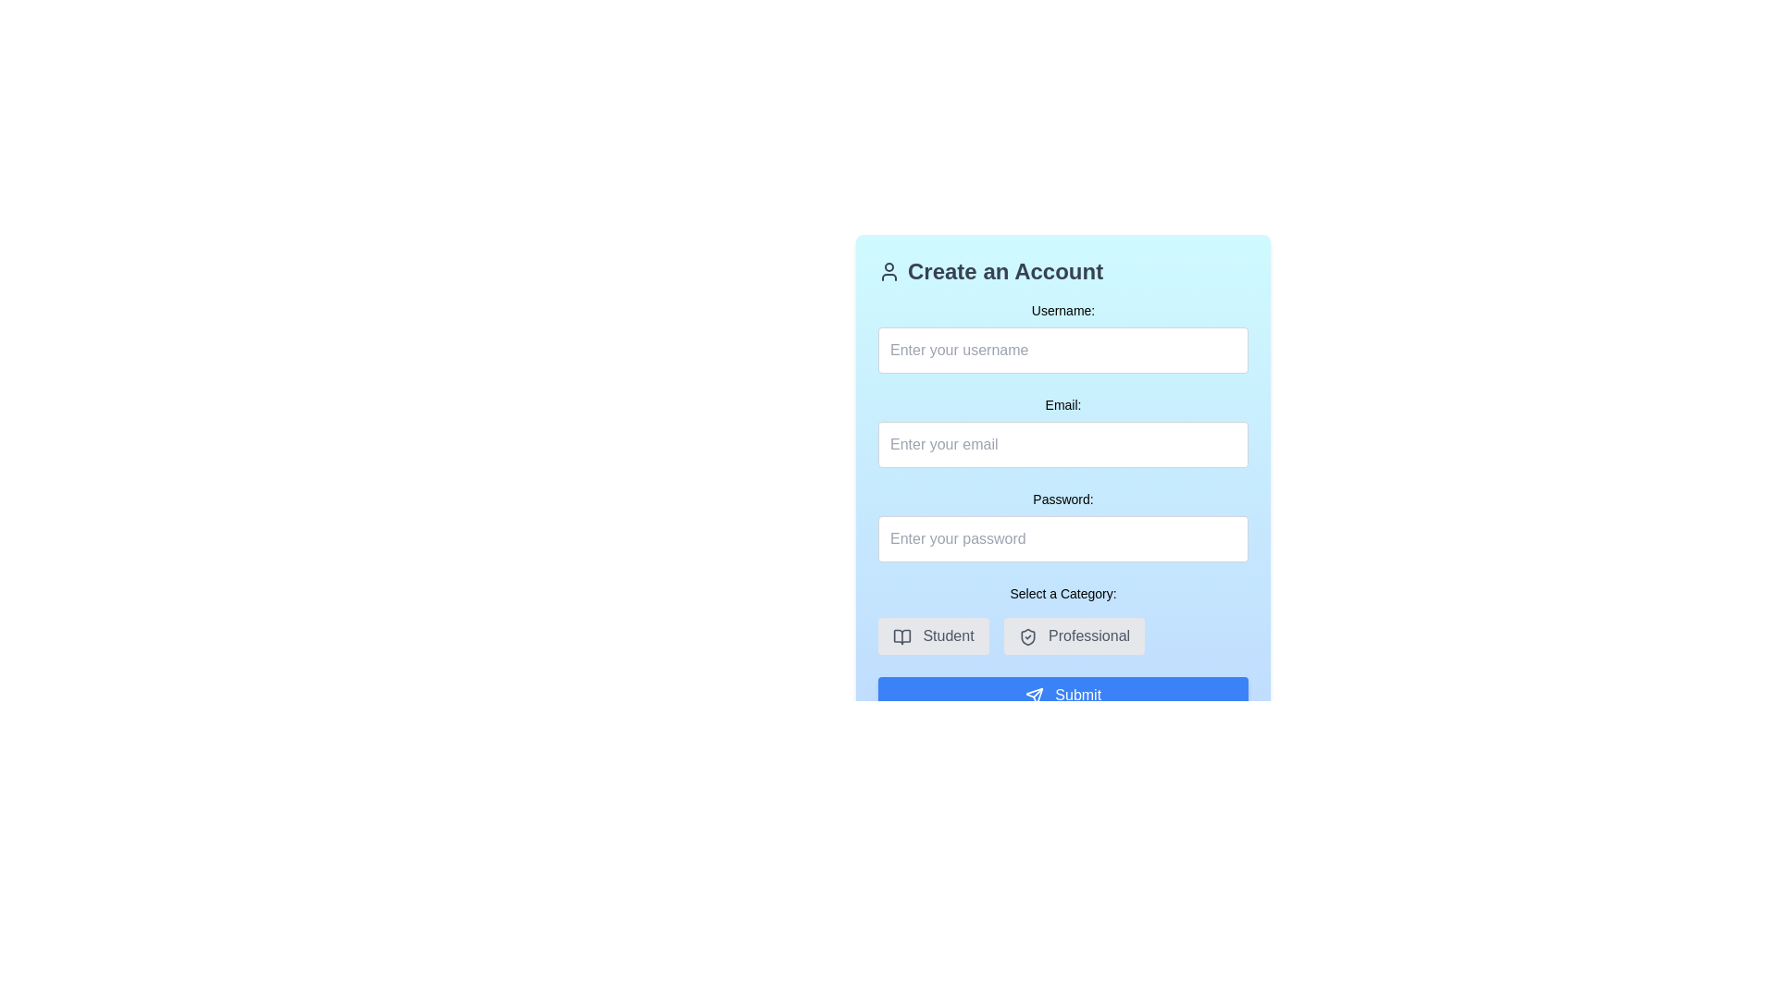 The height and width of the screenshot is (999, 1777). Describe the element at coordinates (1062, 404) in the screenshot. I see `the label indicating the email input field, which is centrally aligned above the email input field` at that location.